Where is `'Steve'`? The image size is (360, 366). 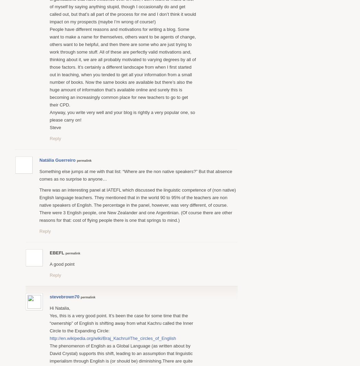
'Steve' is located at coordinates (55, 127).